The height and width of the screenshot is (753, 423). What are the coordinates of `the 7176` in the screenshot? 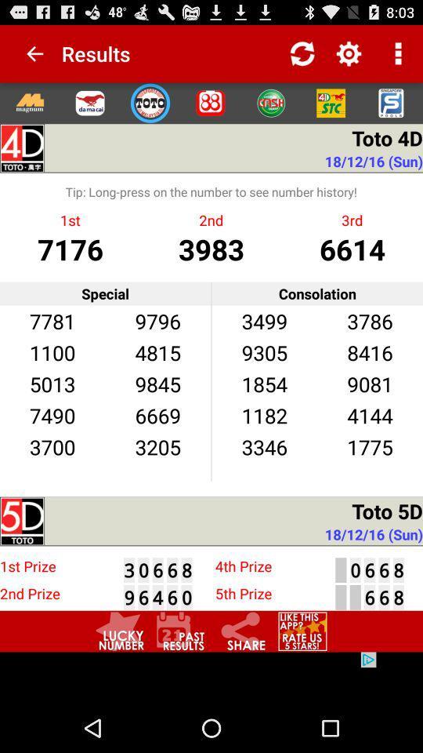 It's located at (70, 249).